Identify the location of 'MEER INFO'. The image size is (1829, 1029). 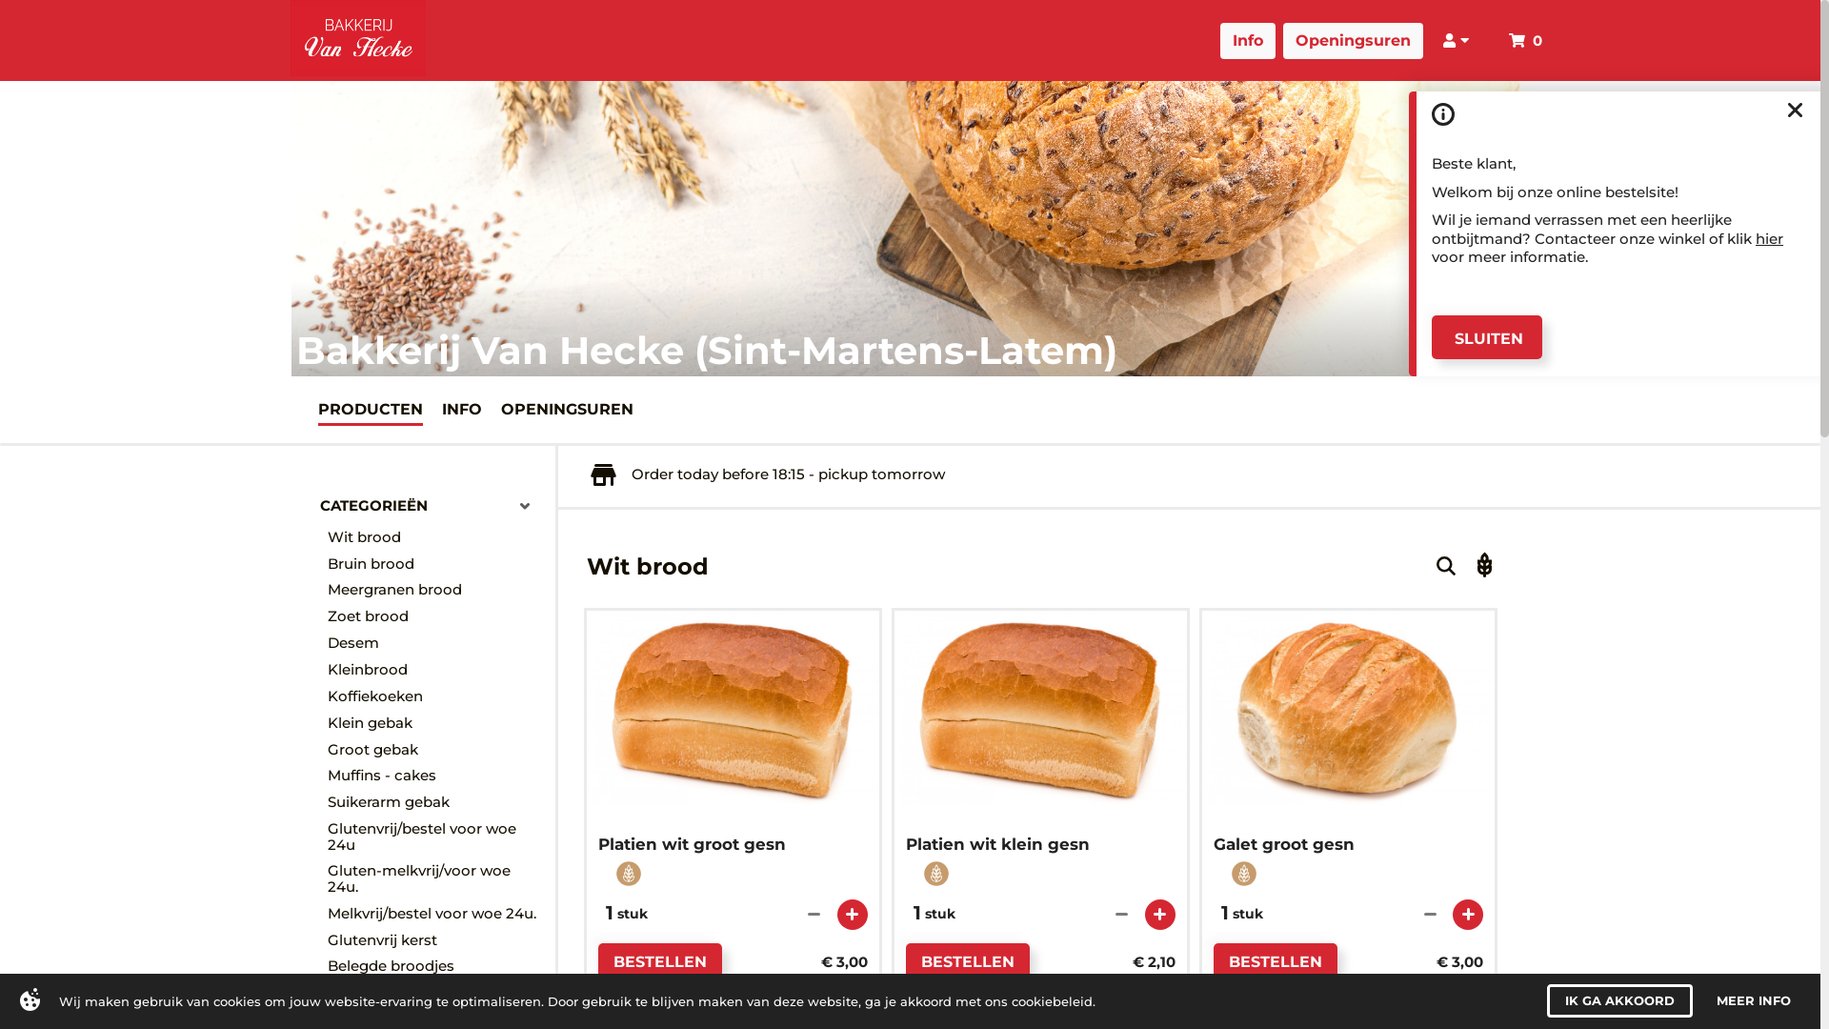
(1753, 999).